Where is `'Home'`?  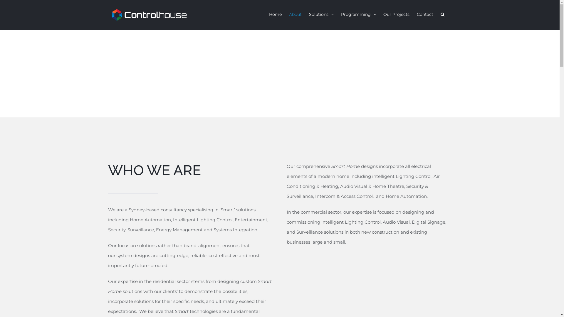
'Home' is located at coordinates (275, 14).